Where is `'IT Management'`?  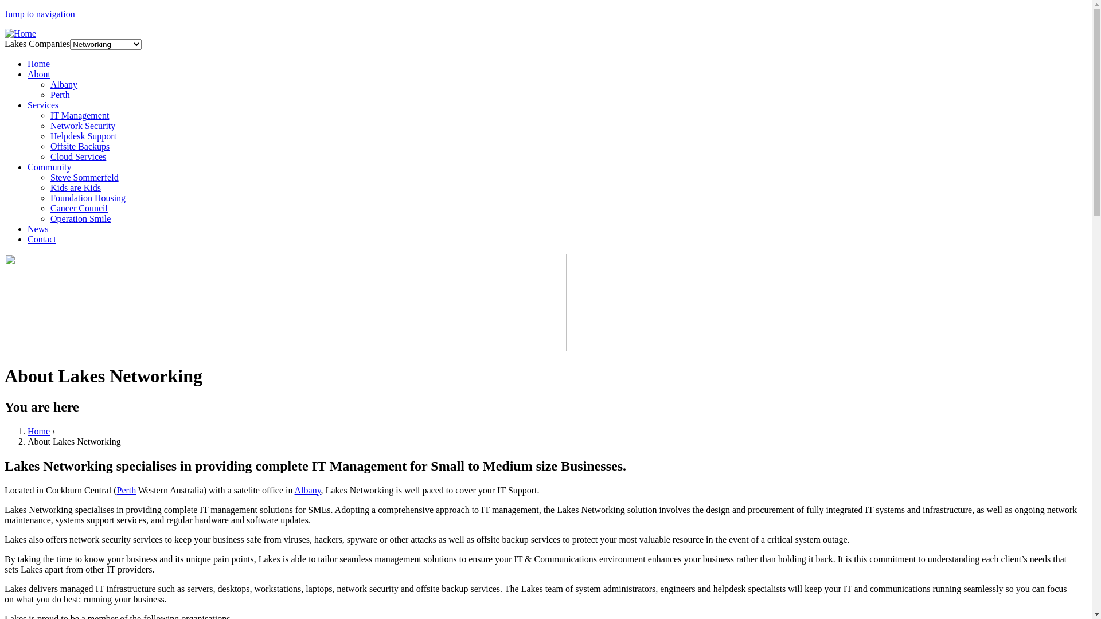
'IT Management' is located at coordinates (79, 115).